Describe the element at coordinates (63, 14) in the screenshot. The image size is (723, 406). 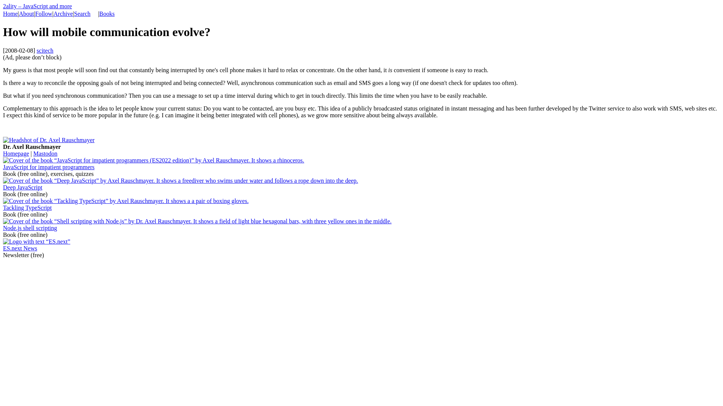
I see `'Archive'` at that location.